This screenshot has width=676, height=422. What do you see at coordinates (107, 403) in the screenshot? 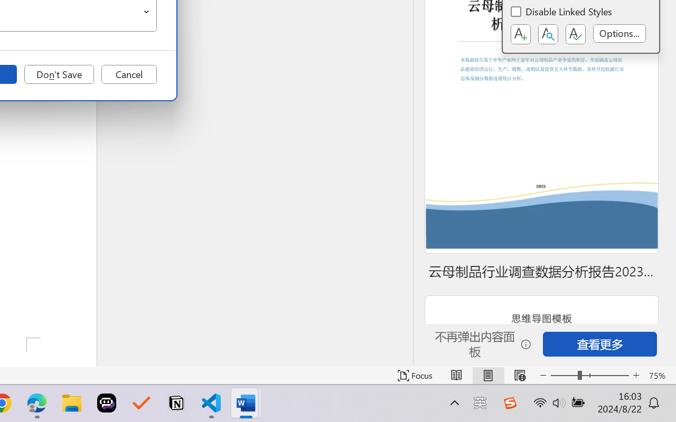
I see `'Poe'` at bounding box center [107, 403].